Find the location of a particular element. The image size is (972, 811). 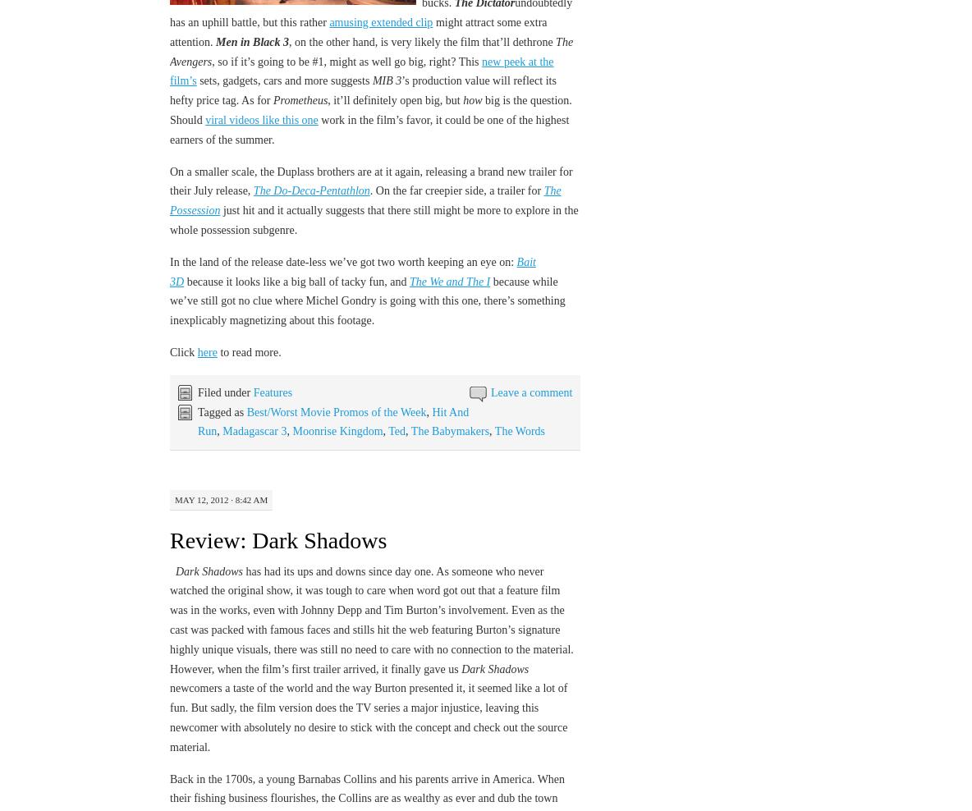

'because it looks like a big ball of tacky fun, and' is located at coordinates (296, 281).